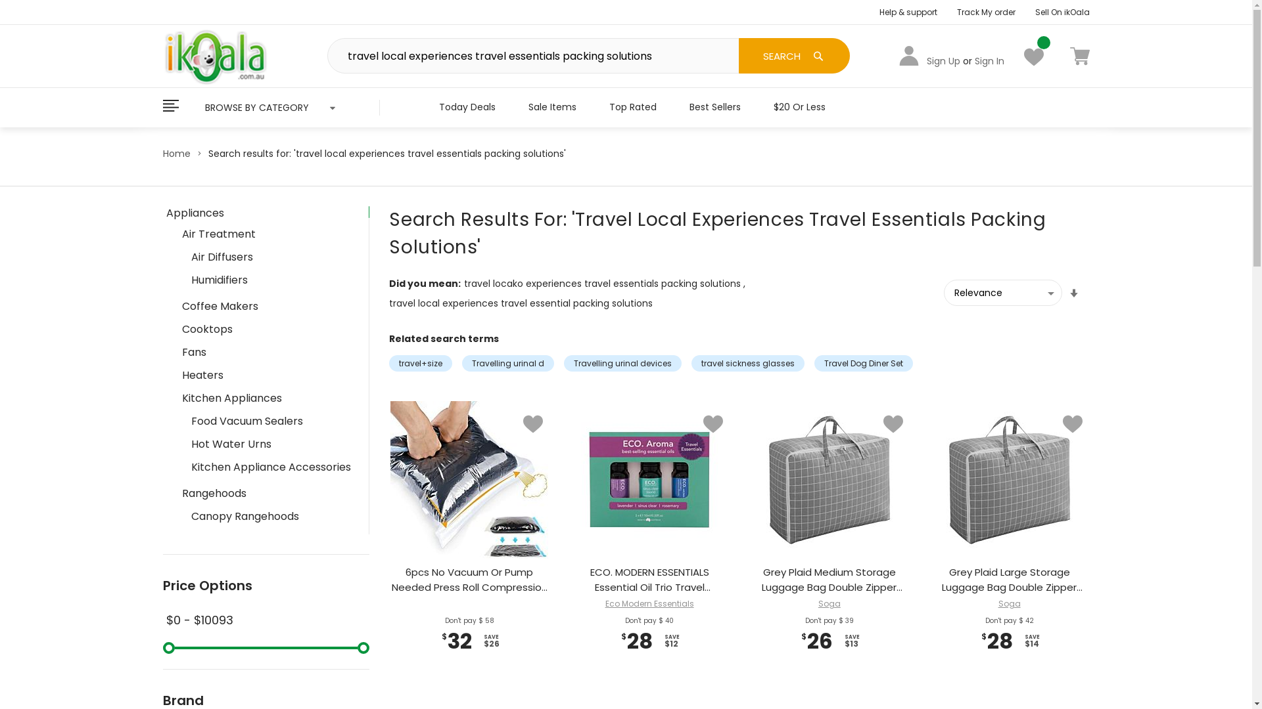  Describe the element at coordinates (270, 107) in the screenshot. I see `'BROWSE BY CATEGORY'` at that location.